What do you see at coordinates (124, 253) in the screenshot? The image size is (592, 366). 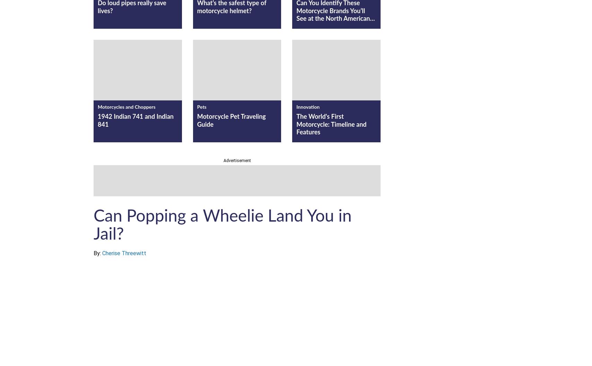 I see `'Cherise Threewitt'` at bounding box center [124, 253].